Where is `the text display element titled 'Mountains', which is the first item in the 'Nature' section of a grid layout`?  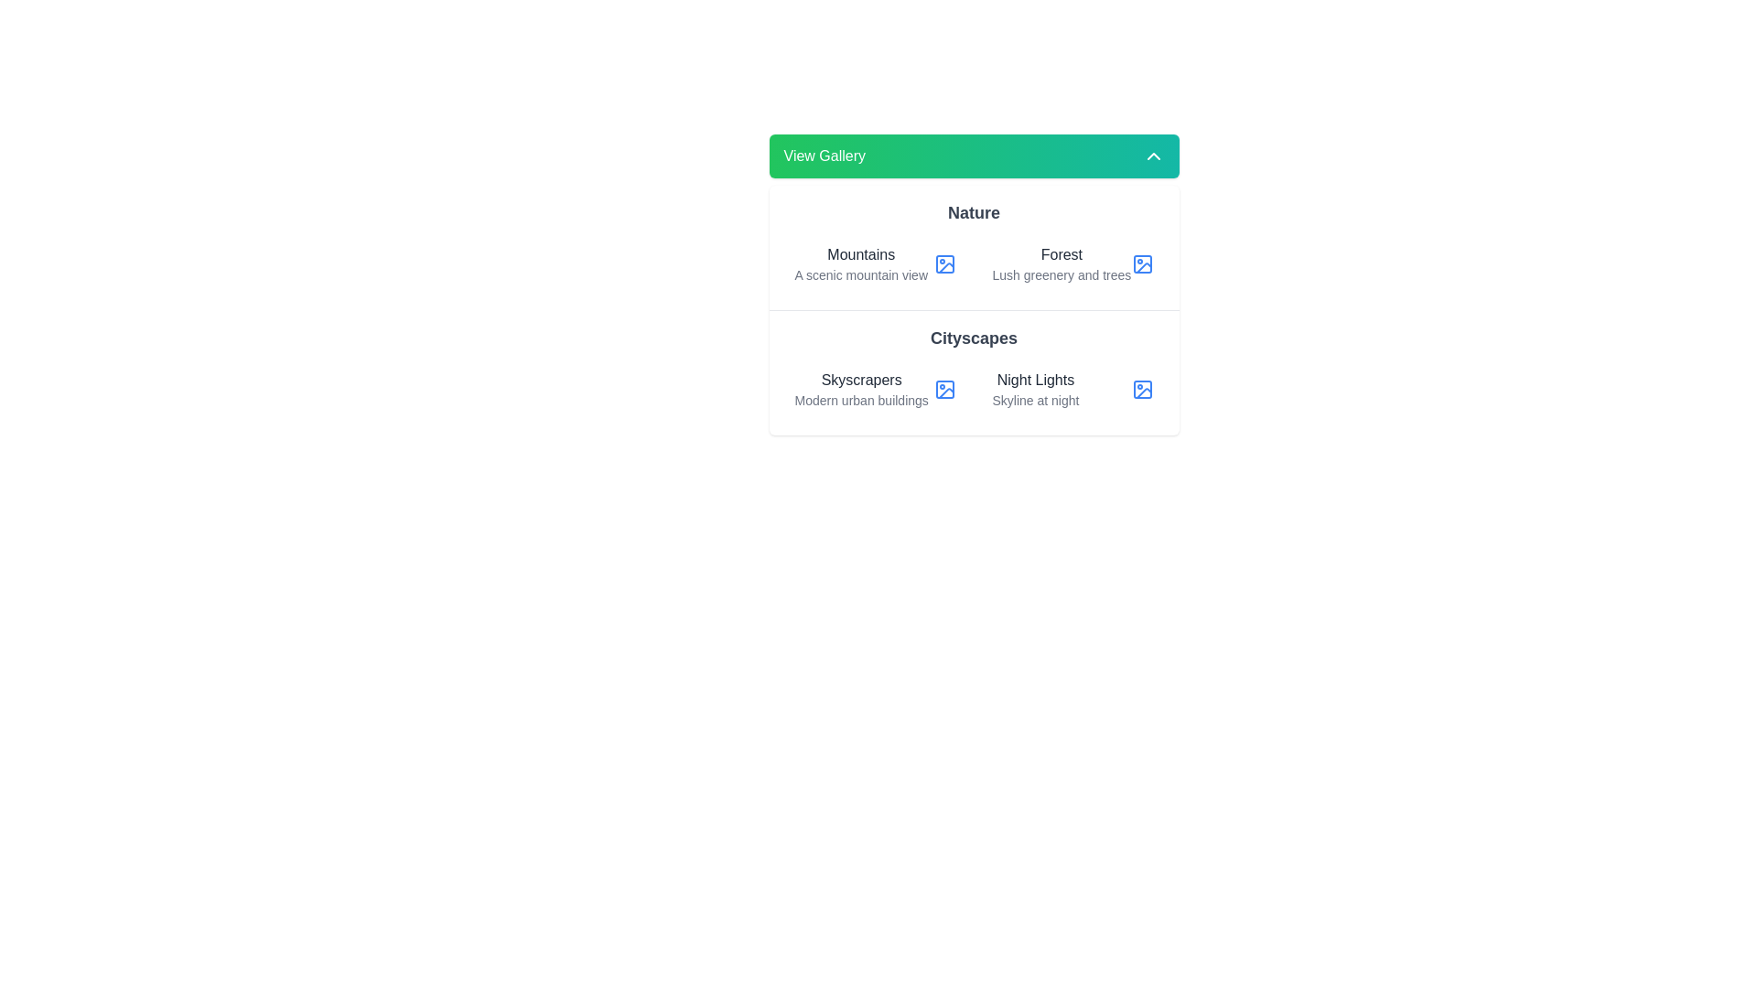
the text display element titled 'Mountains', which is the first item in the 'Nature' section of a grid layout is located at coordinates (860, 264).